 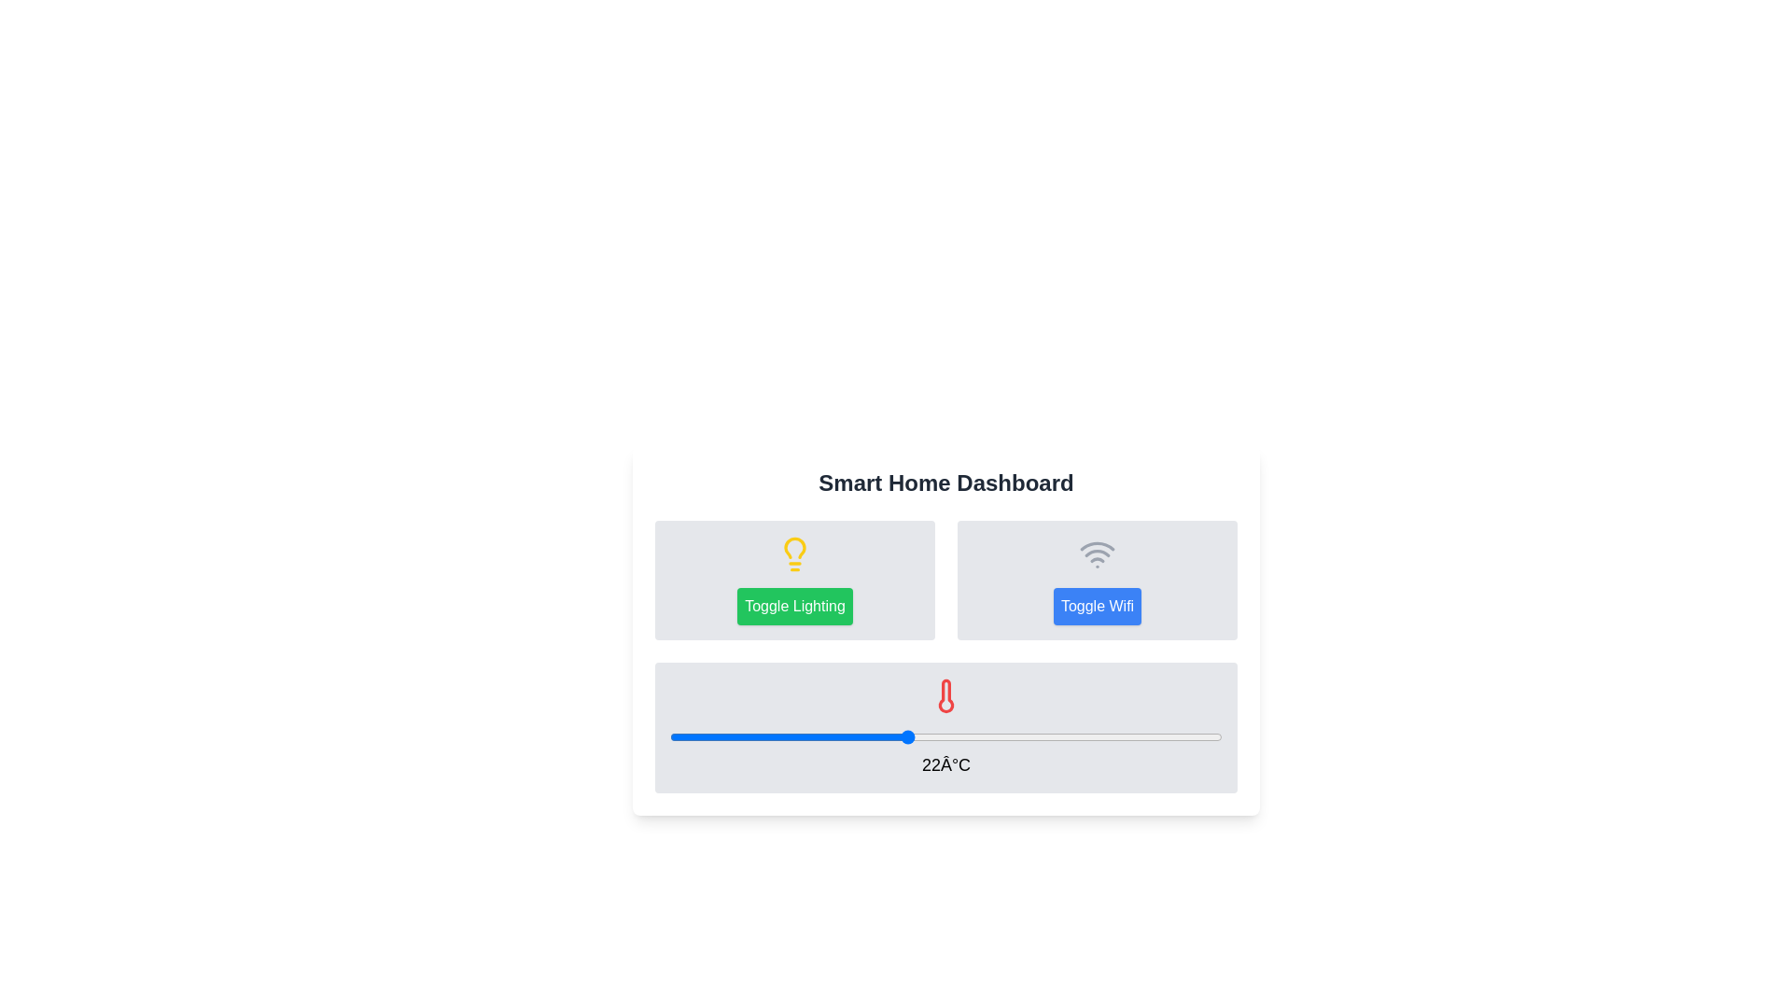 I want to click on the temperature, so click(x=827, y=736).